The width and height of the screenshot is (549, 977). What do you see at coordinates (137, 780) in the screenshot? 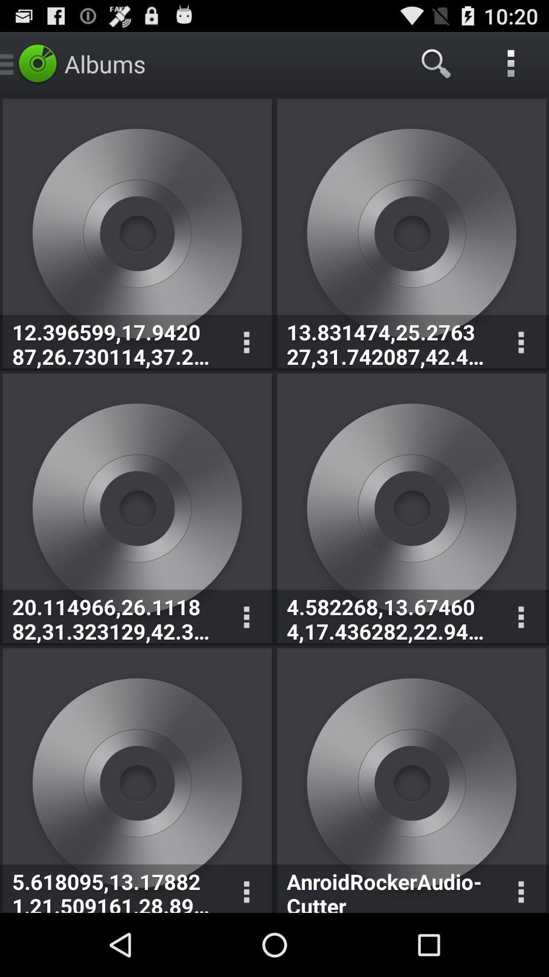
I see `the bottom left file option` at bounding box center [137, 780].